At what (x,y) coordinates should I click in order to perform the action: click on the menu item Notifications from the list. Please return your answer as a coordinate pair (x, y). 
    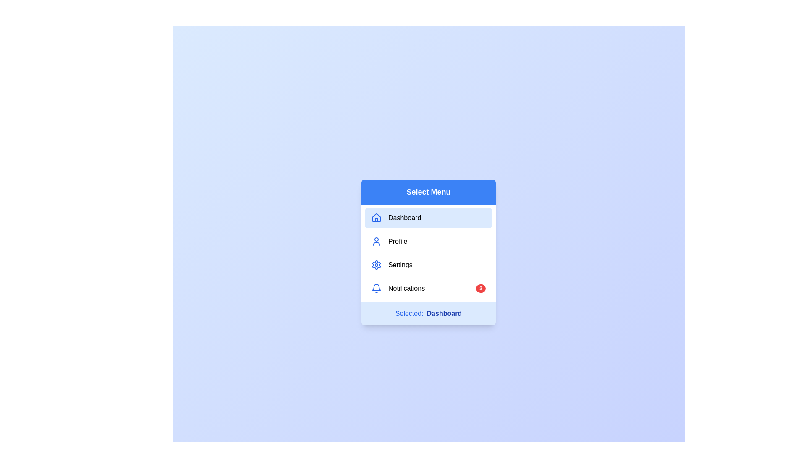
    Looking at the image, I should click on (429, 288).